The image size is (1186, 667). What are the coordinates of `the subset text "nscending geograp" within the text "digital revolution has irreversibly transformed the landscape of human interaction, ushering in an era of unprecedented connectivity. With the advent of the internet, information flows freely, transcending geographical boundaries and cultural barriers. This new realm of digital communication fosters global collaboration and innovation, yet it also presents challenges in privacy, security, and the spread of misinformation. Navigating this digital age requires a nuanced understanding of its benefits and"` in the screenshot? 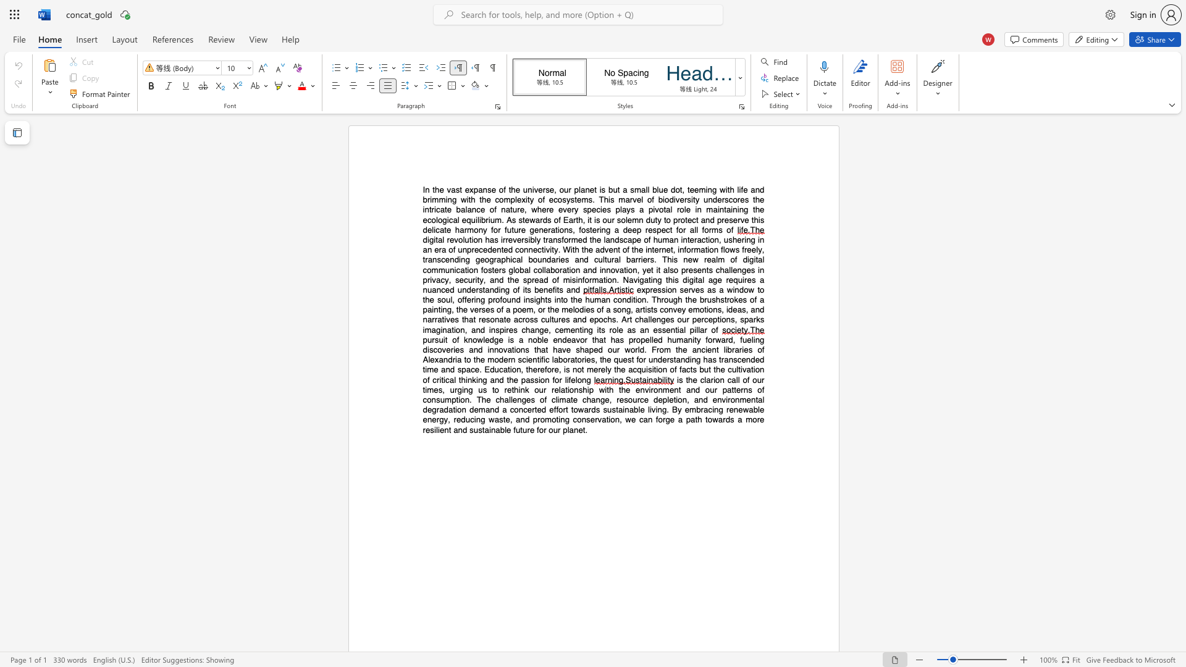 It's located at (432, 259).